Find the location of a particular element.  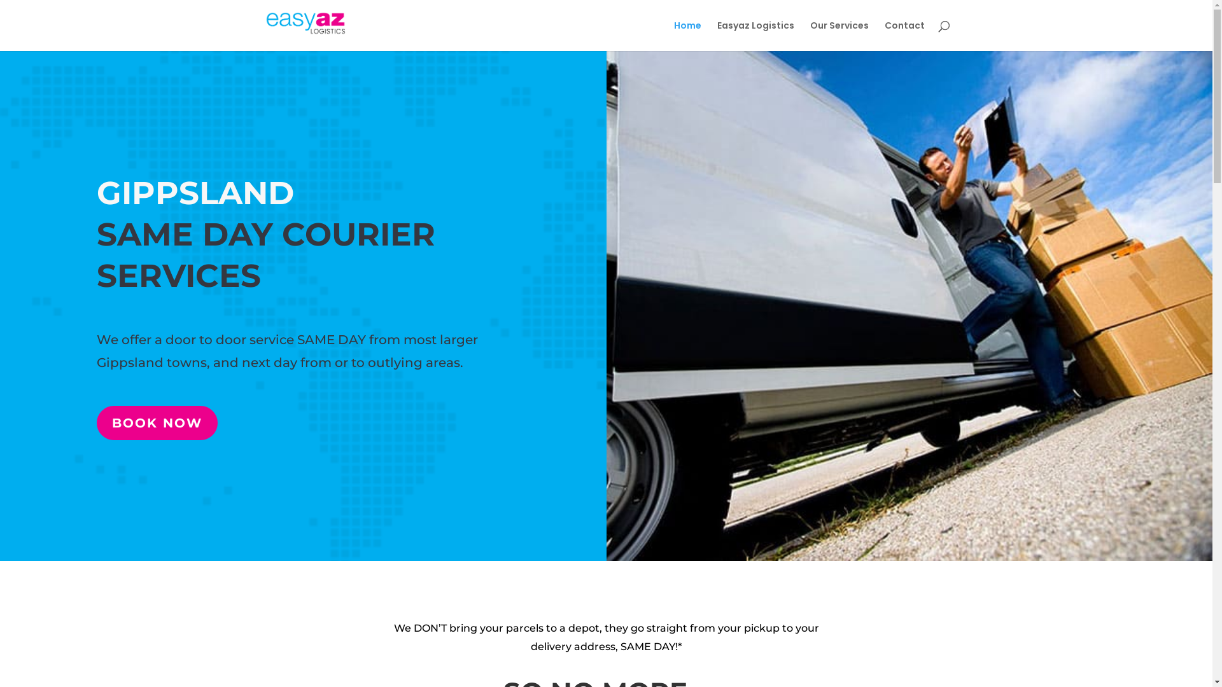

'BOOK NOW' is located at coordinates (156, 422).